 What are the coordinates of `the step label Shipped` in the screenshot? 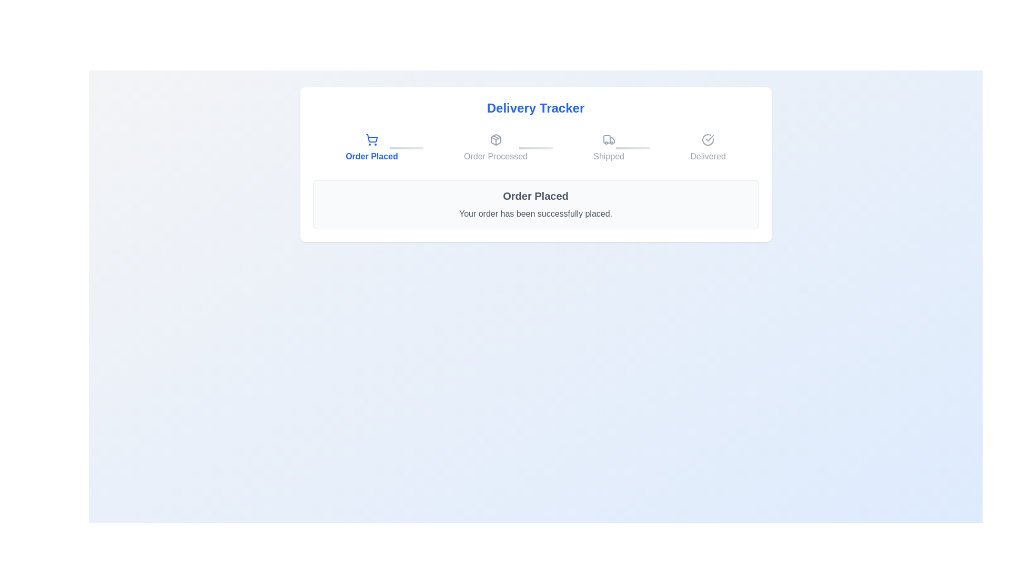 It's located at (609, 148).